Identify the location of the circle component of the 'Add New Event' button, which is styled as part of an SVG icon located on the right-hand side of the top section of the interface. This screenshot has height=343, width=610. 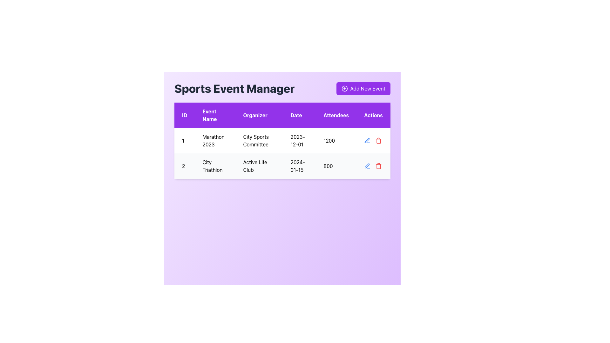
(344, 88).